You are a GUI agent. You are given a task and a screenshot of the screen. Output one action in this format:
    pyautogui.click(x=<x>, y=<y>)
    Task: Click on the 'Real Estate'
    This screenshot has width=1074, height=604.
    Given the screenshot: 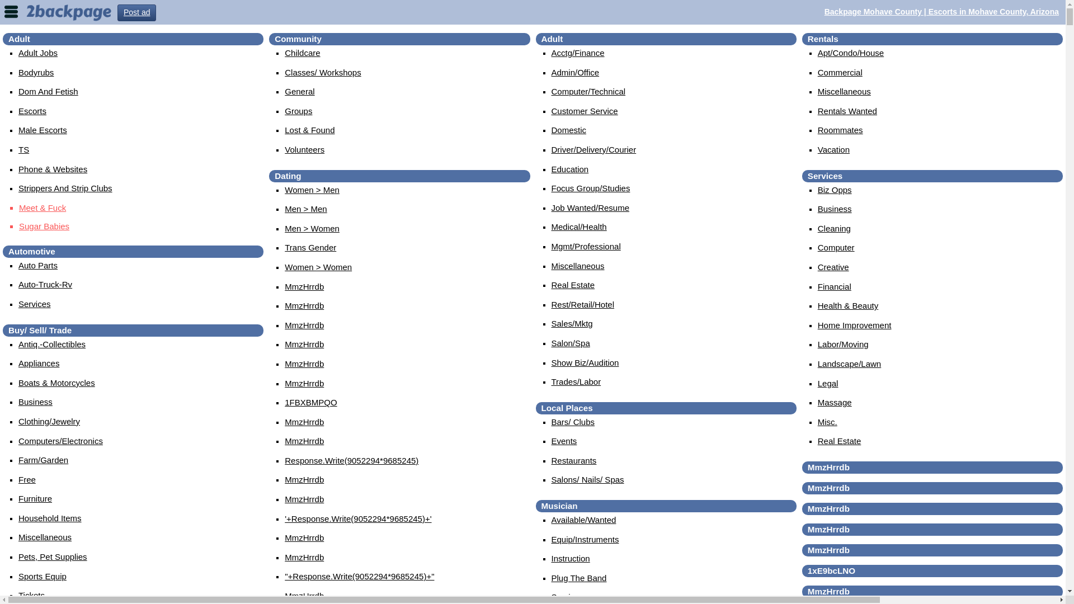 What is the action you would take?
    pyautogui.click(x=573, y=284)
    